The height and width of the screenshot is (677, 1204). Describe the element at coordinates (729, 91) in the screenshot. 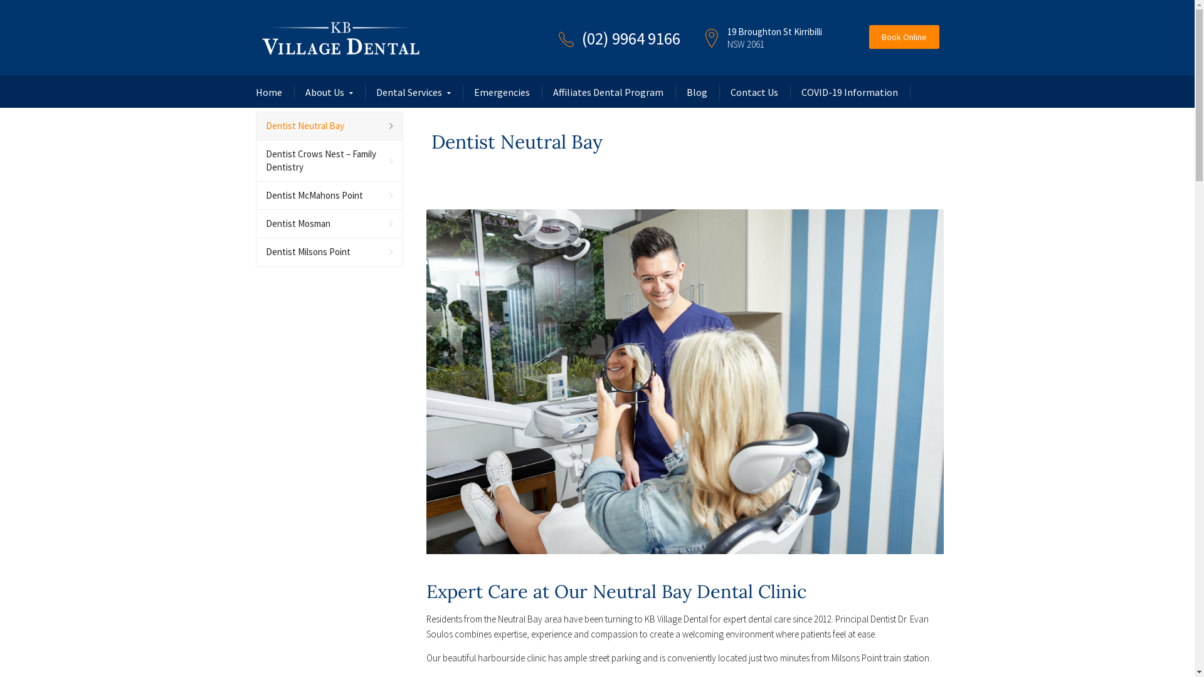

I see `'Contact Us'` at that location.